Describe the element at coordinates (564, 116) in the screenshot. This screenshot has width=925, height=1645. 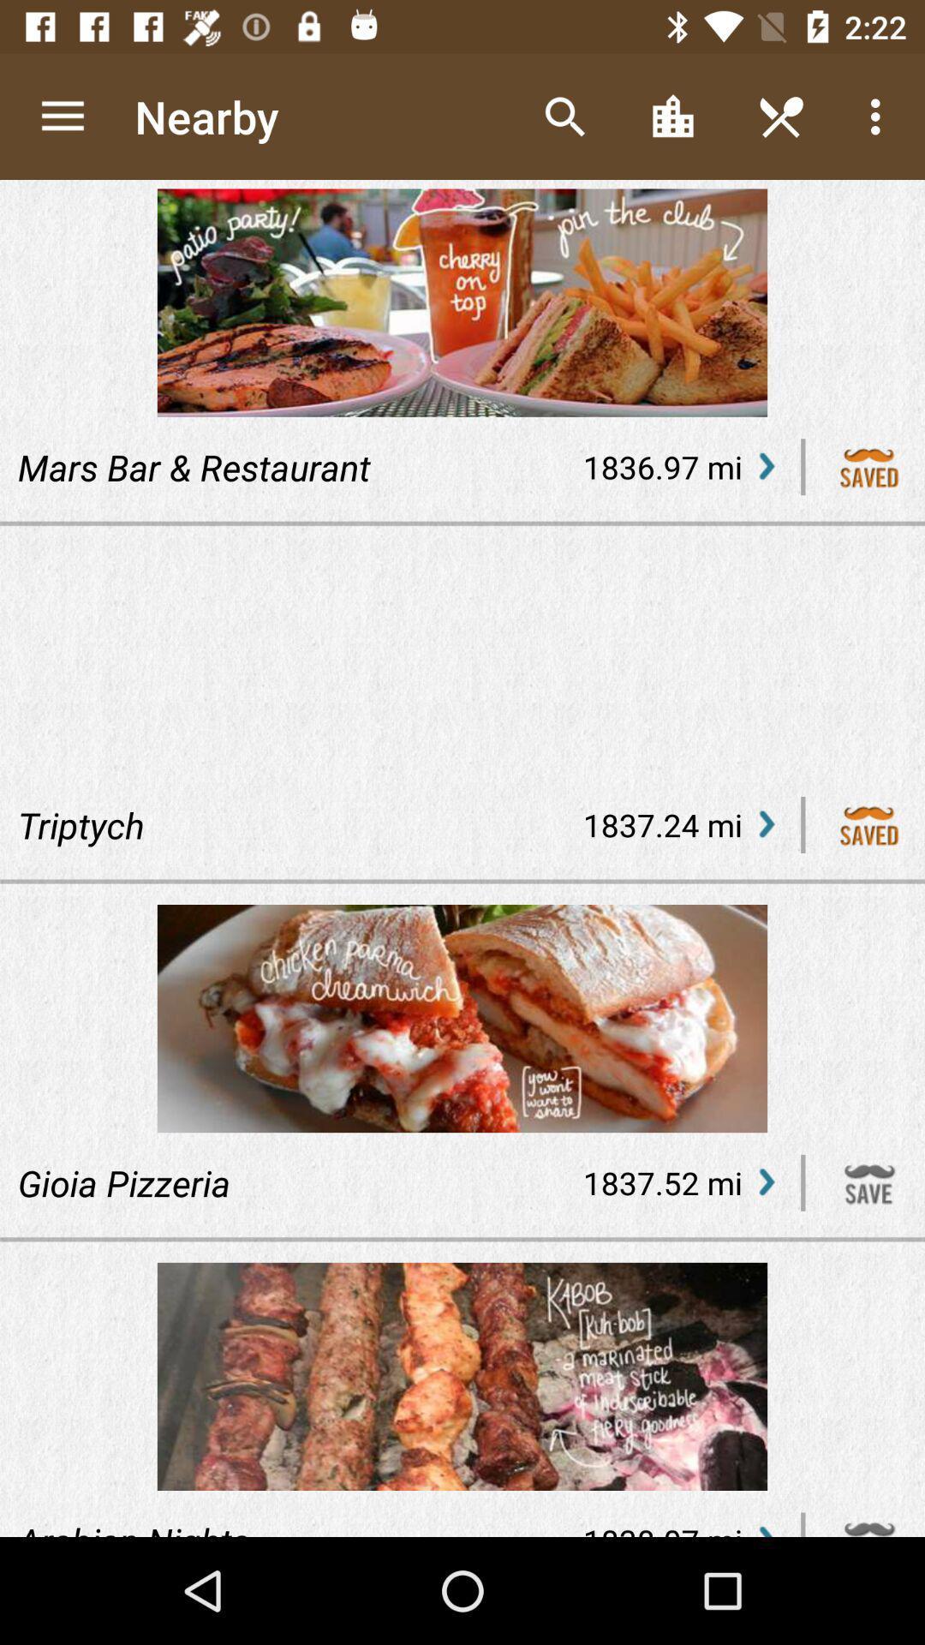
I see `app next to the nearby app` at that location.